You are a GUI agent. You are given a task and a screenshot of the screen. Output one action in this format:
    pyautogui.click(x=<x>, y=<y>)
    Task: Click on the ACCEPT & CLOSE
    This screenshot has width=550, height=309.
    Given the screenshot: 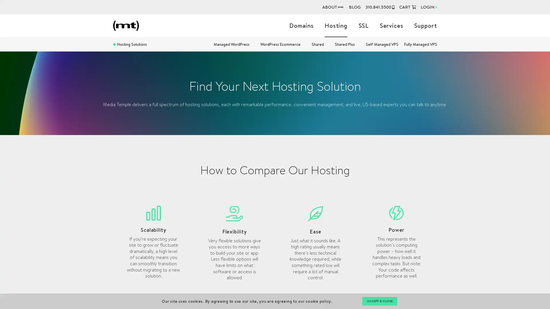 What is the action you would take?
    pyautogui.click(x=379, y=301)
    